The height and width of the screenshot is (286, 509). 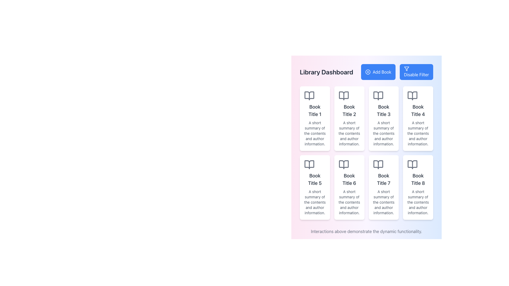 I want to click on the Information Card representing the specific book in the bottom-right corner of the grid layout, so click(x=418, y=187).